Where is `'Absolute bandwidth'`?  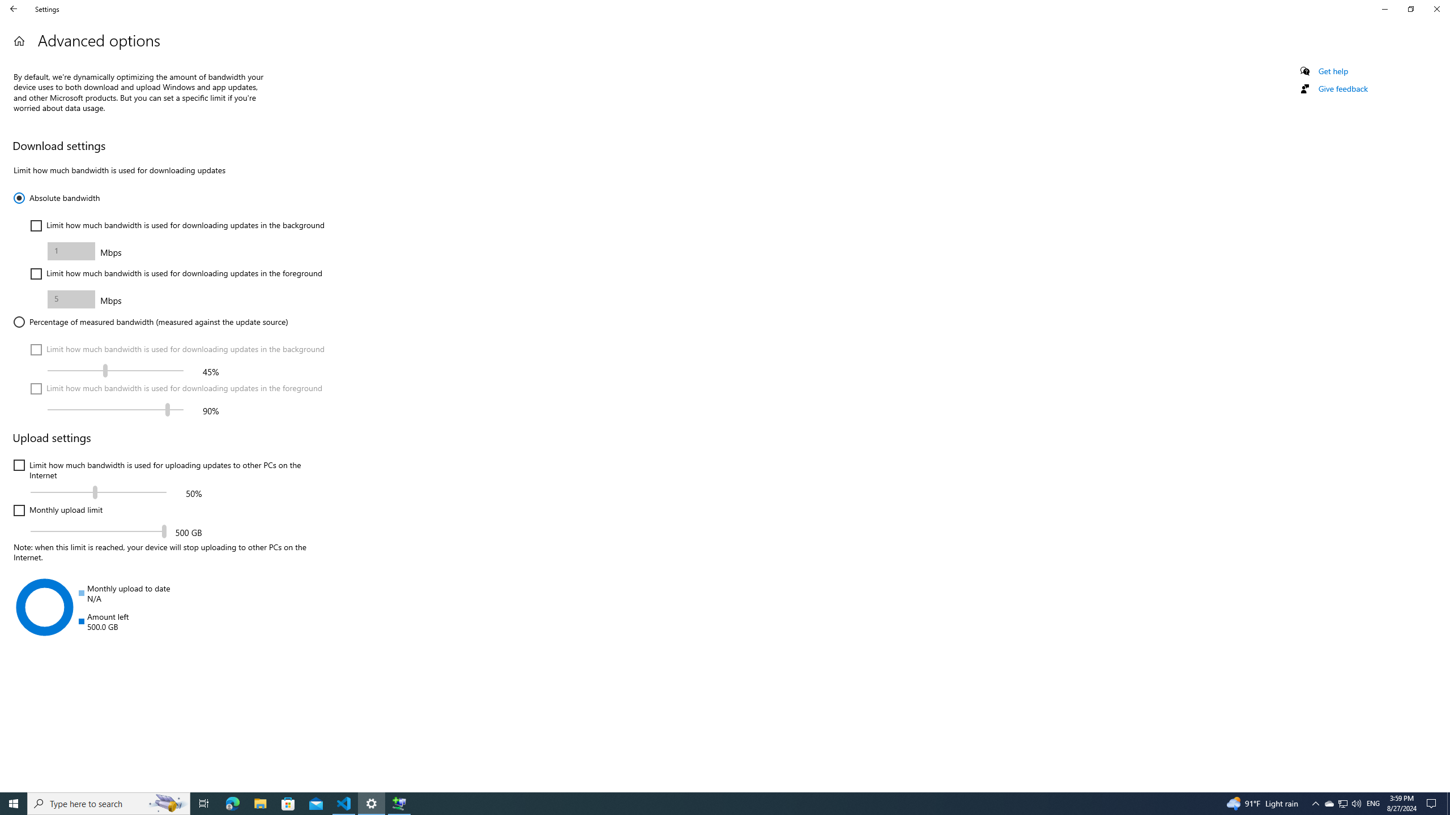 'Absolute bandwidth' is located at coordinates (56, 197).